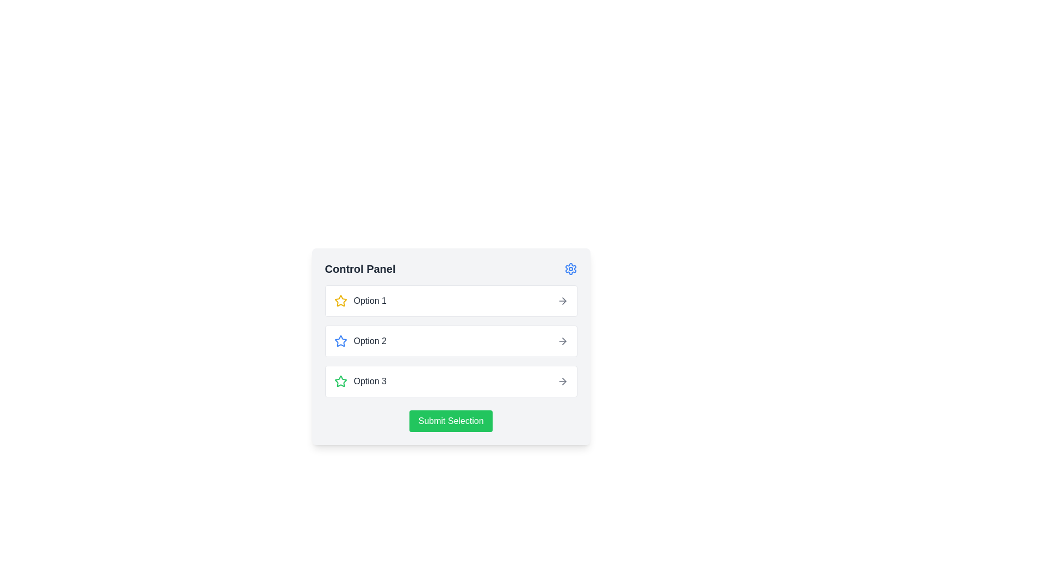  What do you see at coordinates (340, 380) in the screenshot?
I see `the green star icon that indicates an interactive option in the control panel, located to the left of the text 'Option 1'` at bounding box center [340, 380].